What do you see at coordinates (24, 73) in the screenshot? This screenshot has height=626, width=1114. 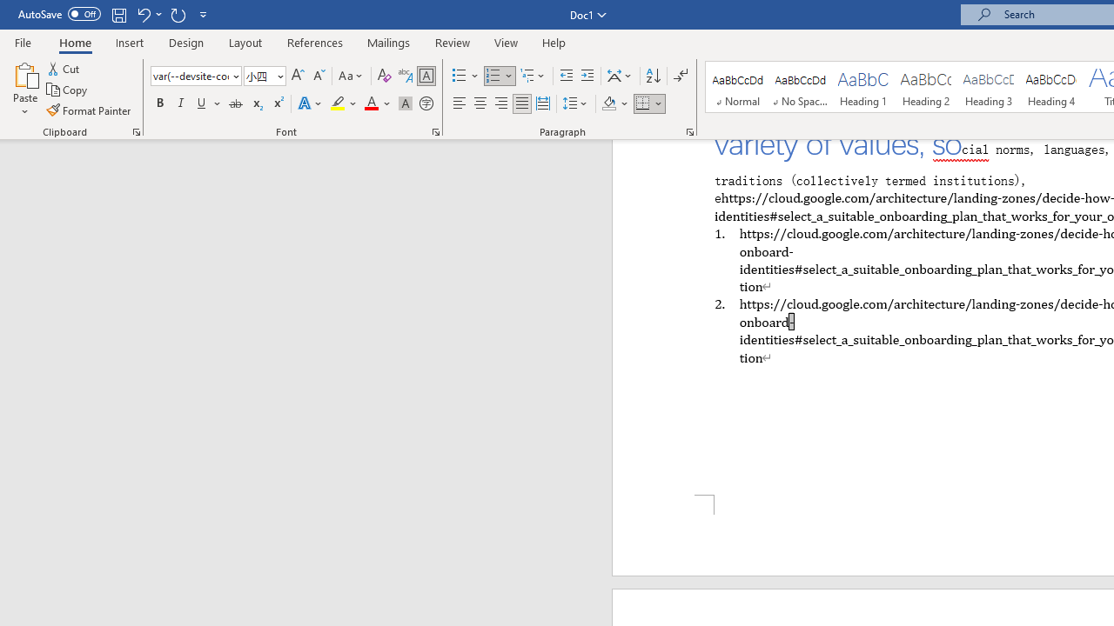 I see `'Paste'` at bounding box center [24, 73].